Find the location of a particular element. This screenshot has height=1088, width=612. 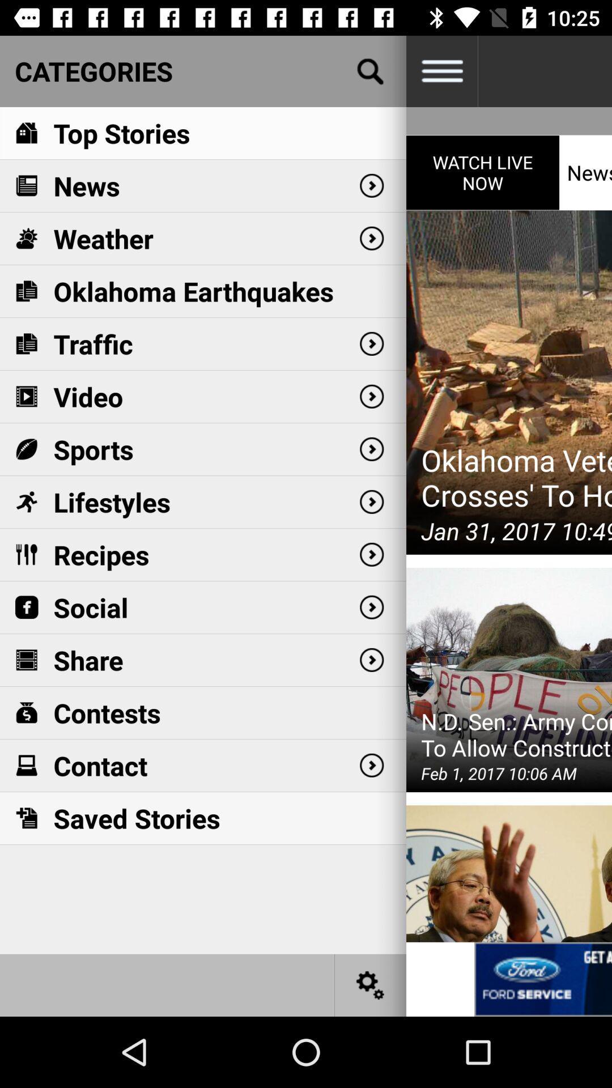

settings is located at coordinates (371, 984).